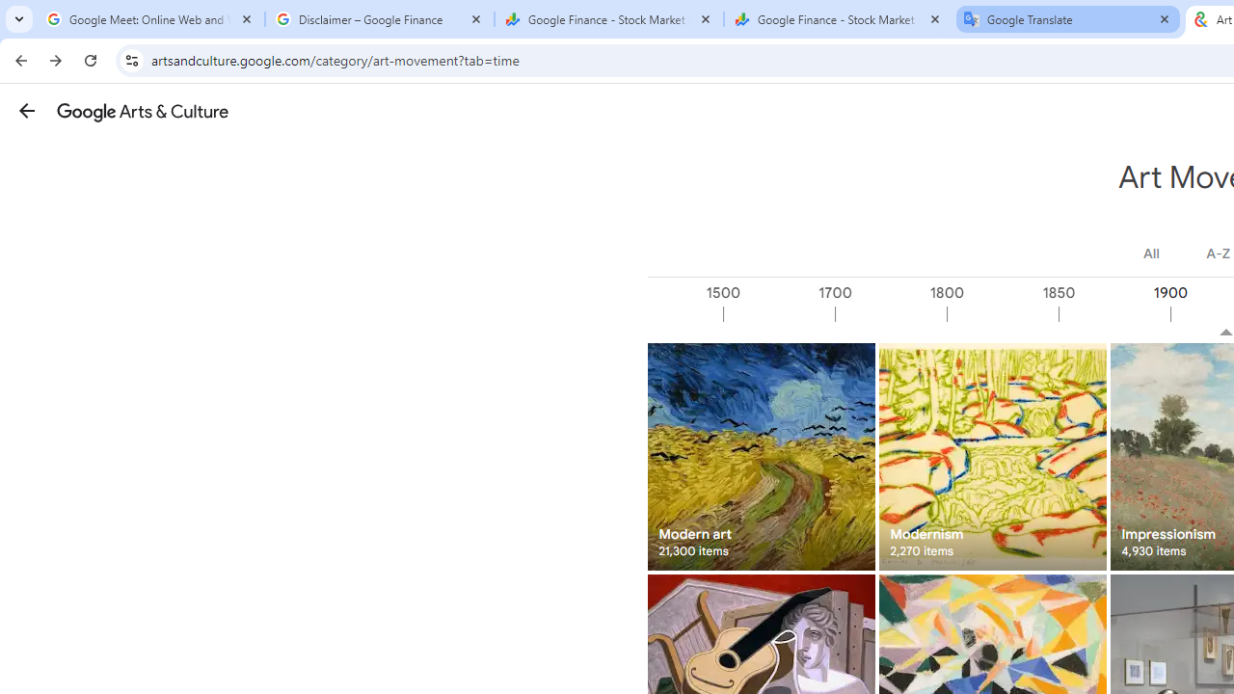 The width and height of the screenshot is (1234, 694). What do you see at coordinates (889, 313) in the screenshot?
I see `'1700'` at bounding box center [889, 313].